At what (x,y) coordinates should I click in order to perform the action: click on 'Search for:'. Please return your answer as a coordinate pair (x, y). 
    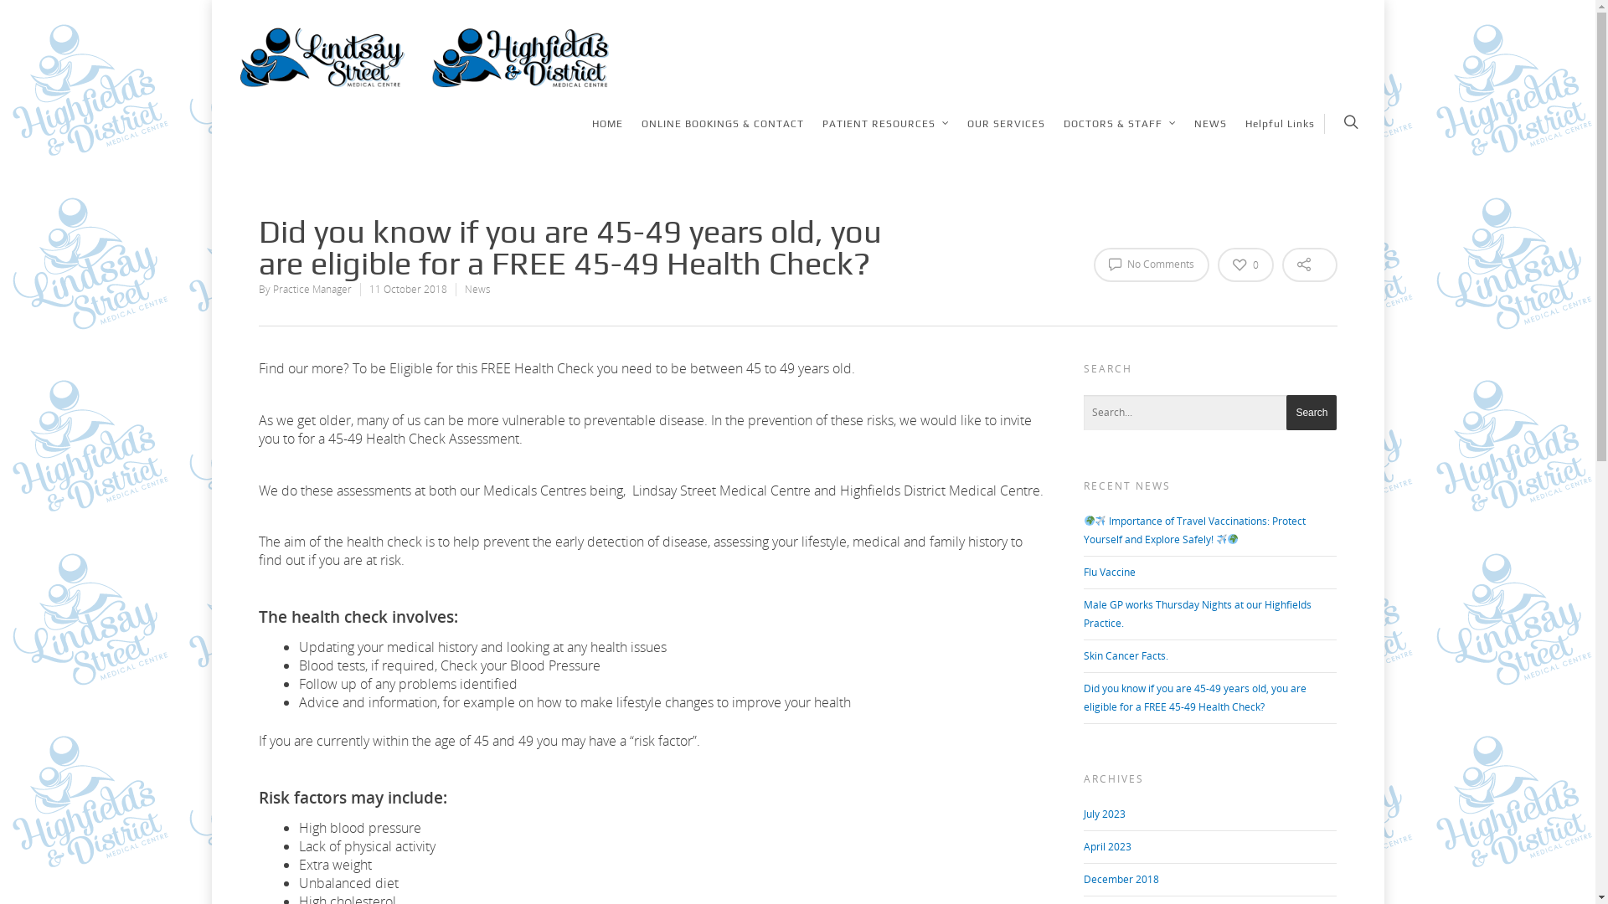
    Looking at the image, I should click on (1210, 413).